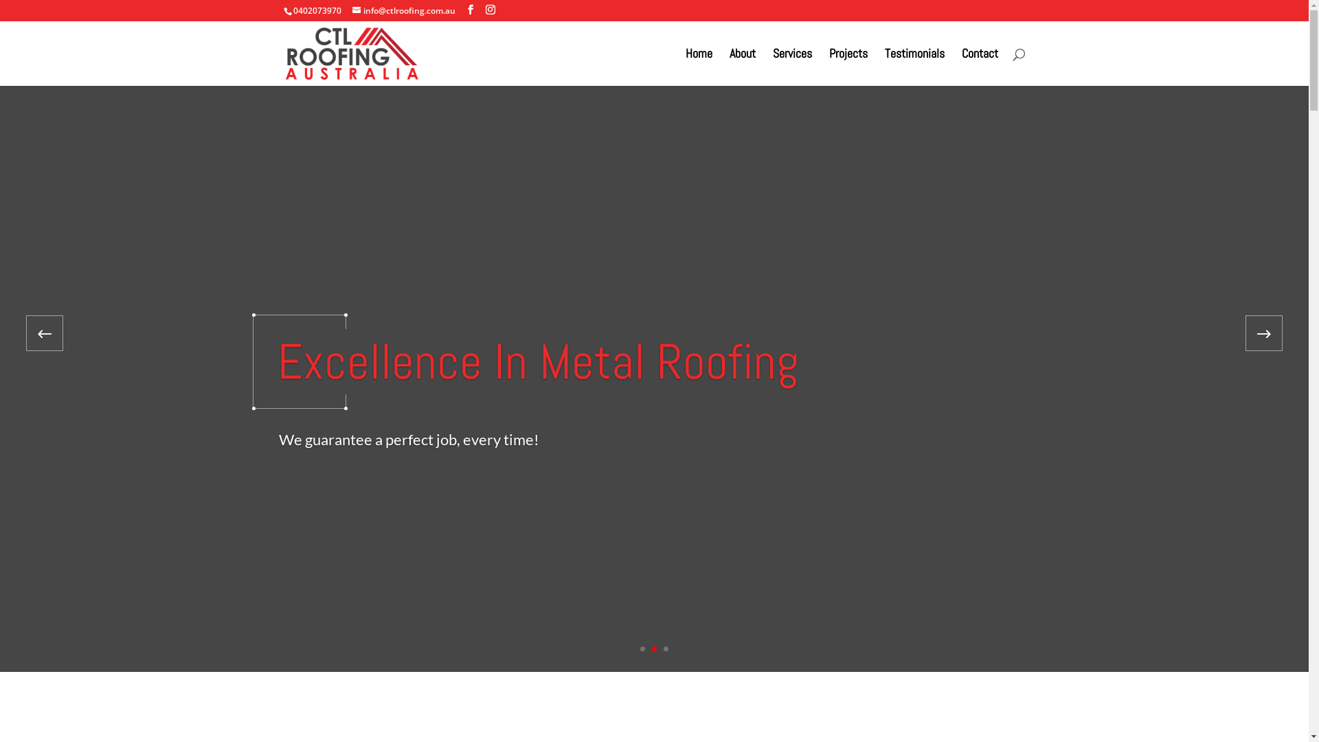 Image resolution: width=1319 pixels, height=742 pixels. Describe the element at coordinates (402, 10) in the screenshot. I see `'info@ctlroofing.com.au'` at that location.